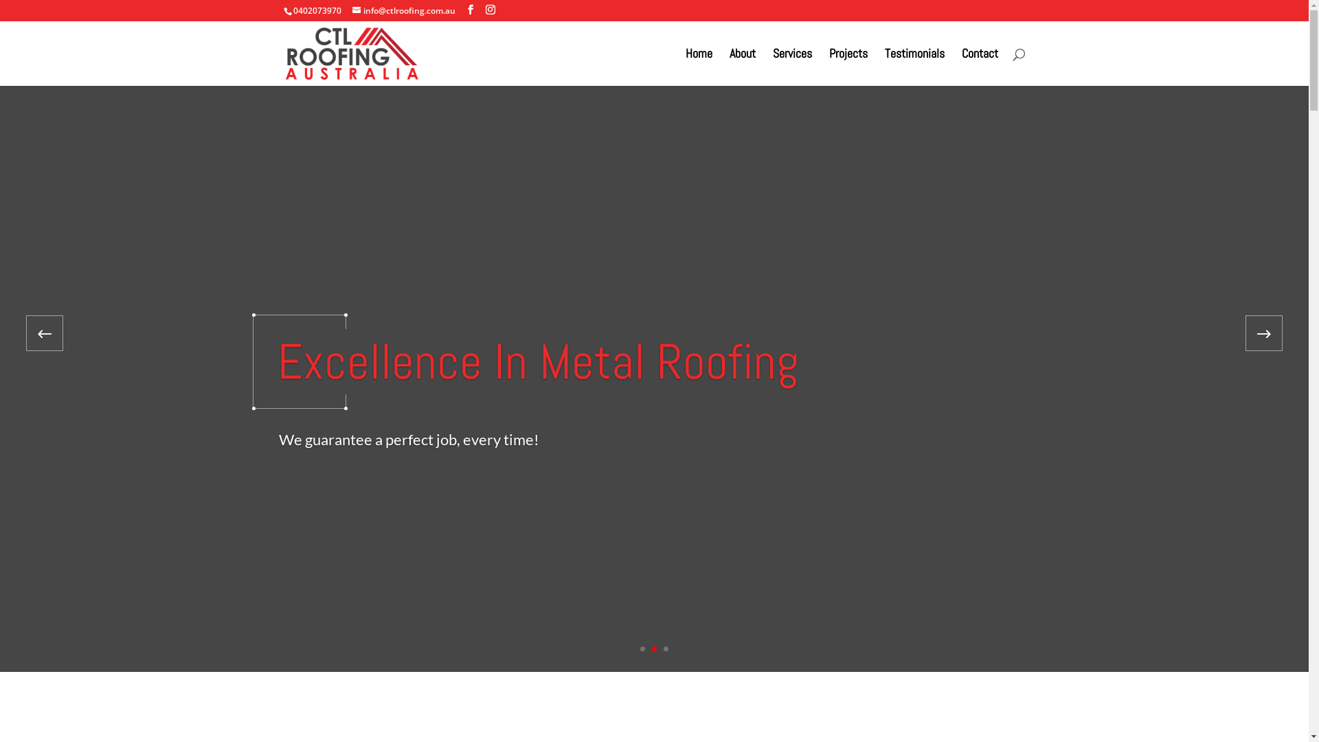 Image resolution: width=1319 pixels, height=742 pixels. Describe the element at coordinates (402, 10) in the screenshot. I see `'info@ctlroofing.com.au'` at that location.